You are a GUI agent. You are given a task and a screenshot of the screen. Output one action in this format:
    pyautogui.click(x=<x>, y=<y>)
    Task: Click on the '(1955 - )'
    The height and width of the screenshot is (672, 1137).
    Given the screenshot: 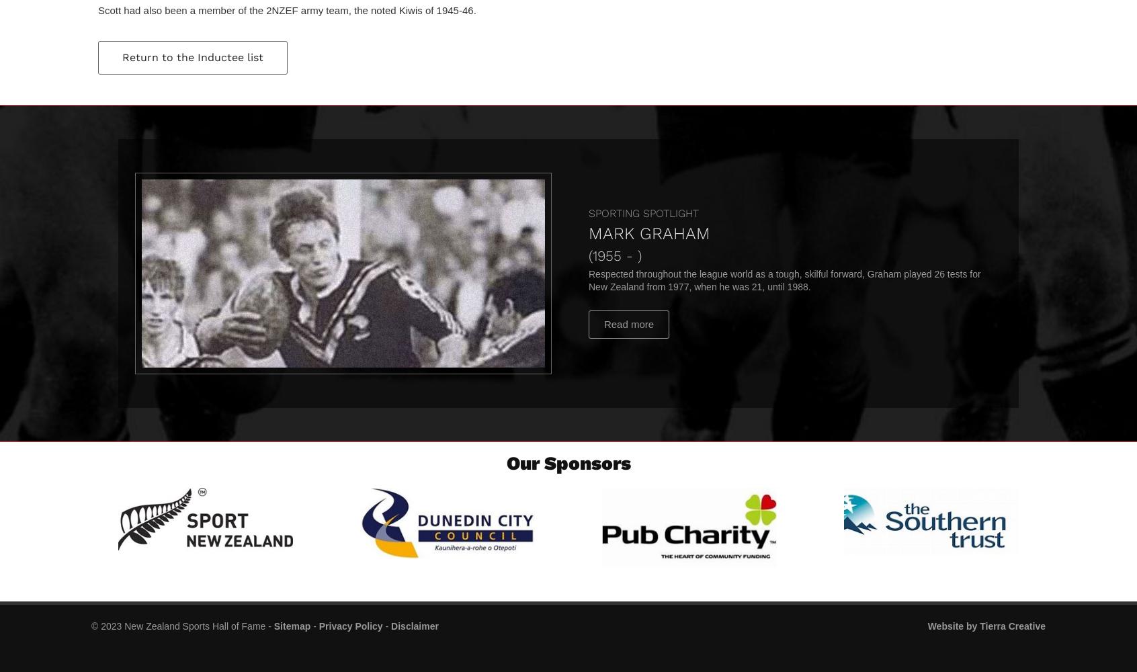 What is the action you would take?
    pyautogui.click(x=614, y=255)
    